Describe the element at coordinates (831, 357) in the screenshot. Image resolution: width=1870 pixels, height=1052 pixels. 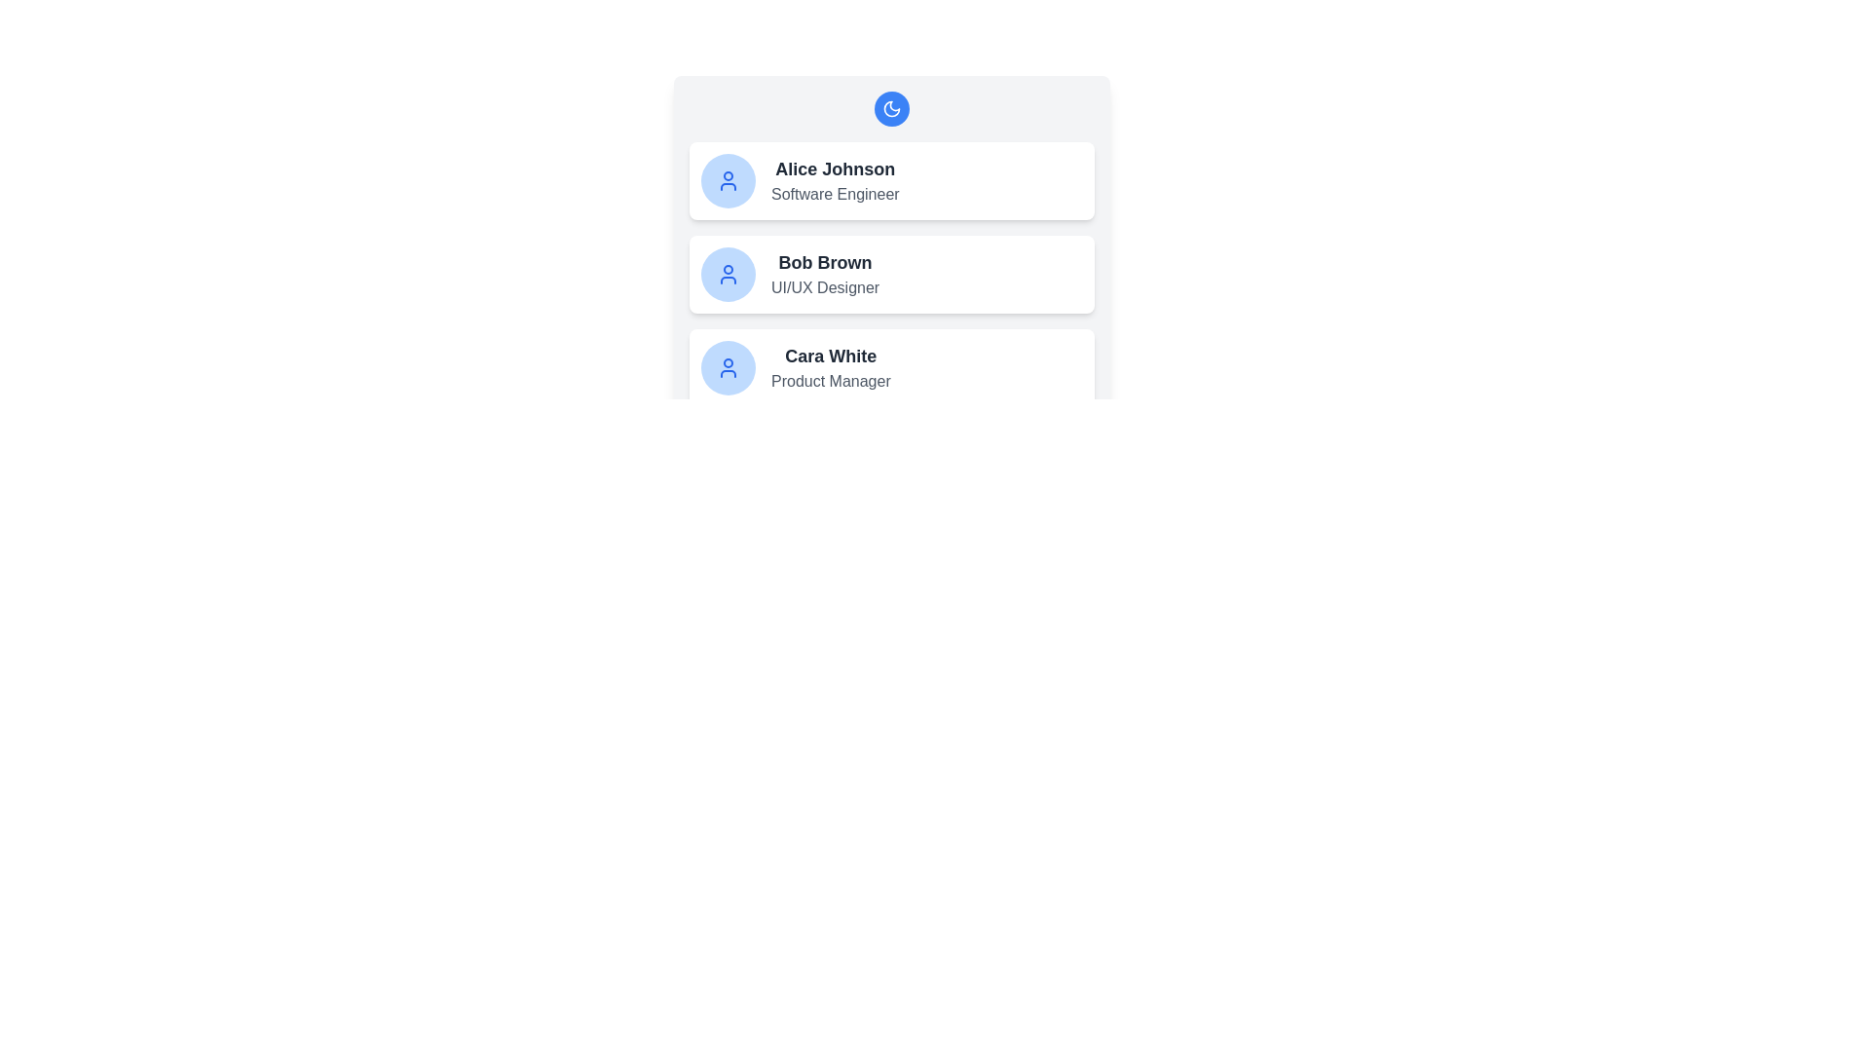
I see `the text element displaying 'Cara White', which is styled in bold and larger size, located in the third row of user details above 'Product Manager'` at that location.